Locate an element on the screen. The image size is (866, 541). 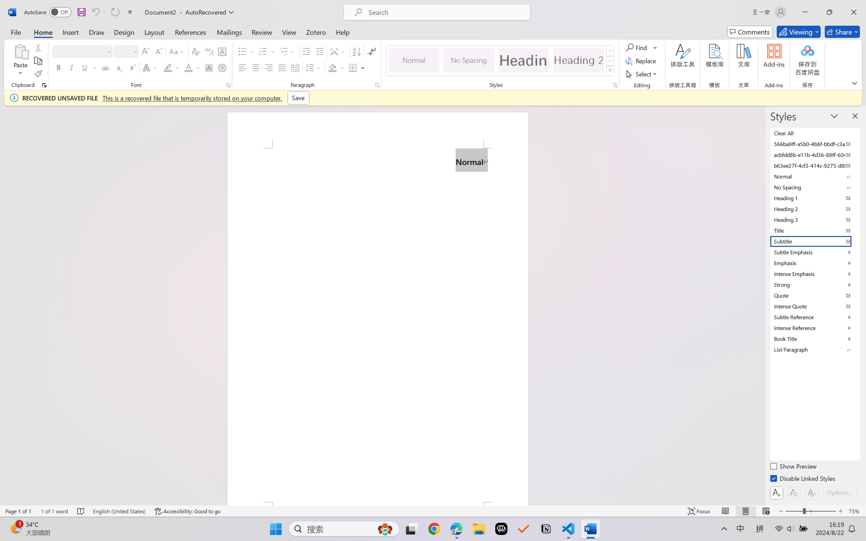
'Shrink Font' is located at coordinates (158, 52).